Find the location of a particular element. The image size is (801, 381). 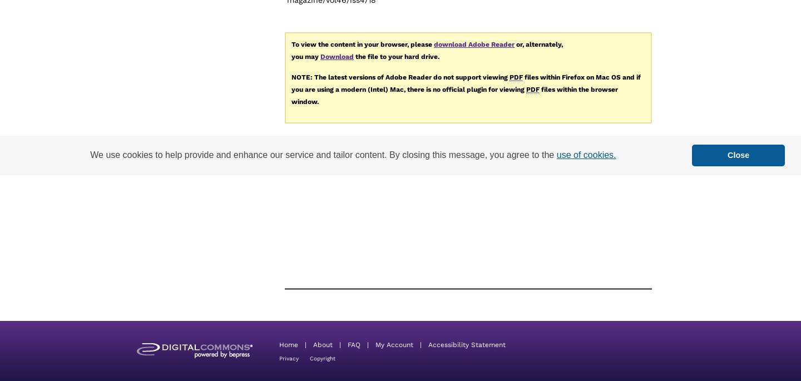

'Download' is located at coordinates (336, 56).